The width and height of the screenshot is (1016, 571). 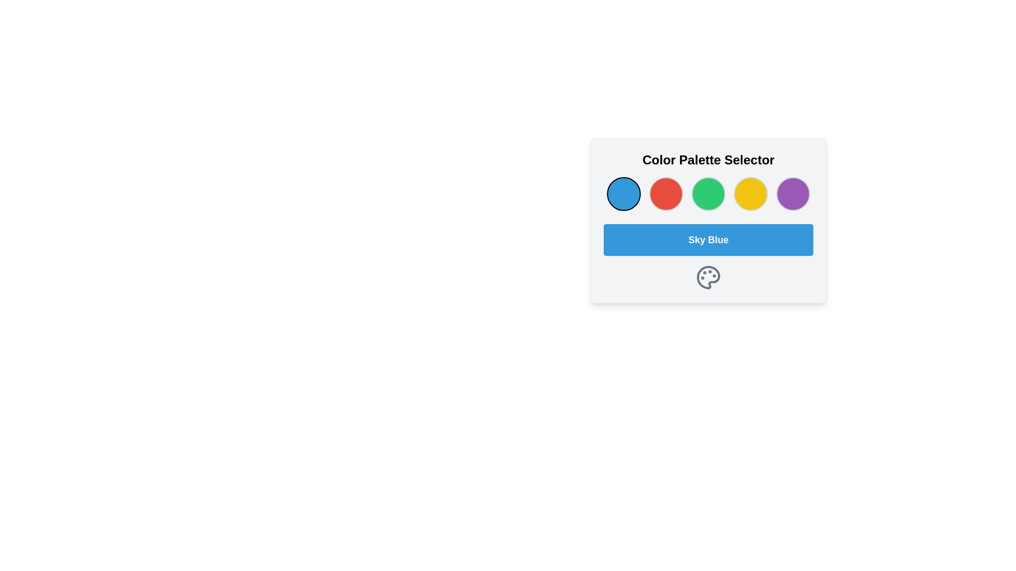 I want to click on the artist's palette icon located below the 'Sky Blue' button, so click(x=709, y=277).